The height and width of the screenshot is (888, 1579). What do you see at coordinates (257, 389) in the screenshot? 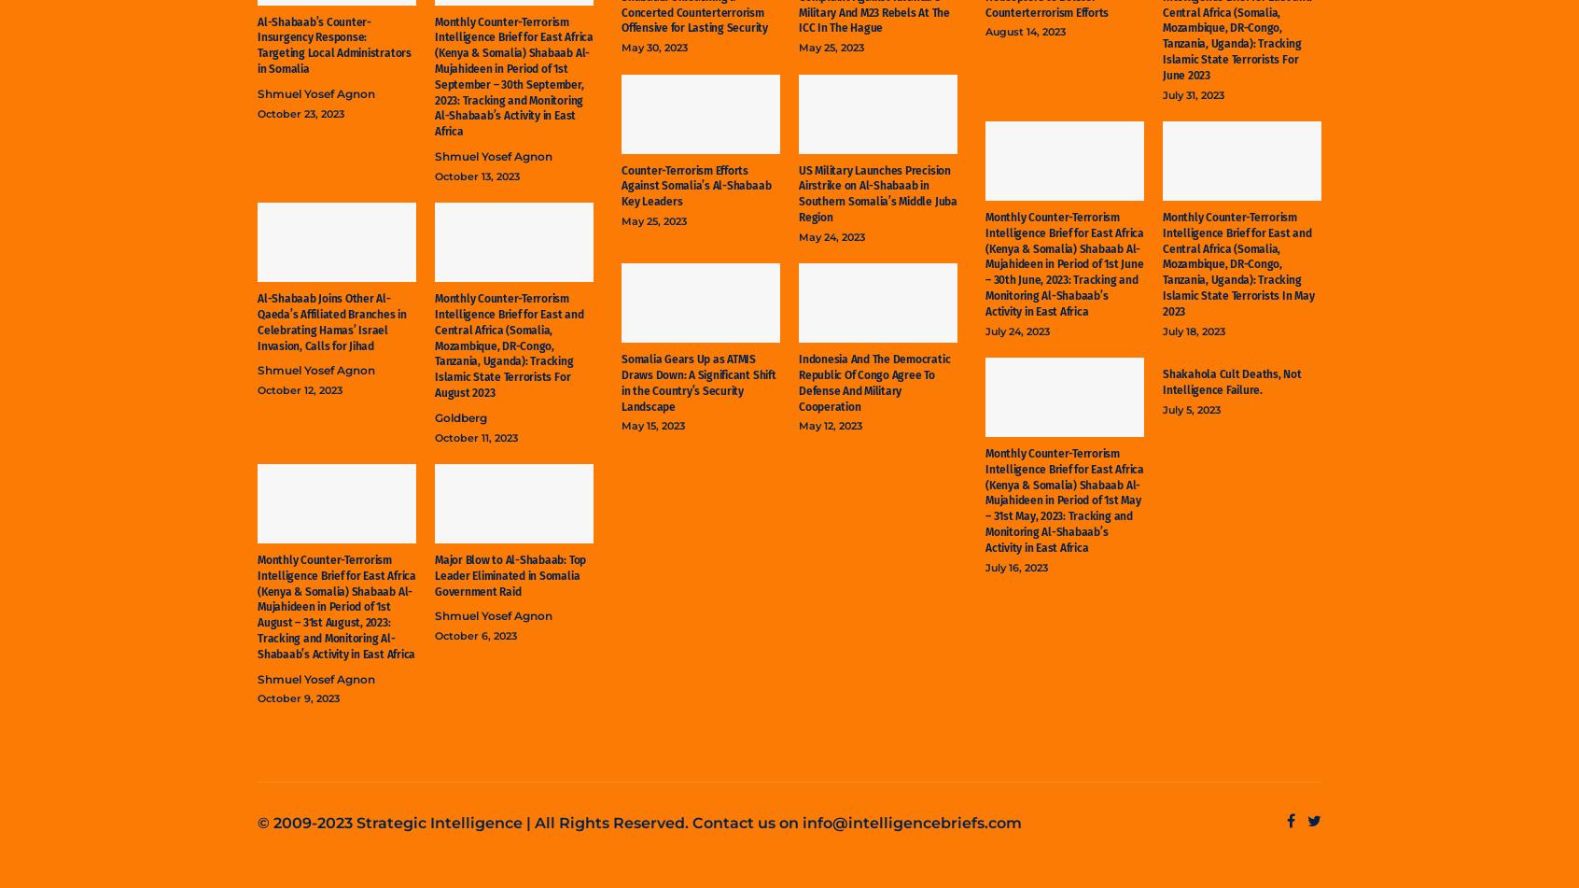
I see `'October 12, 2023'` at bounding box center [257, 389].